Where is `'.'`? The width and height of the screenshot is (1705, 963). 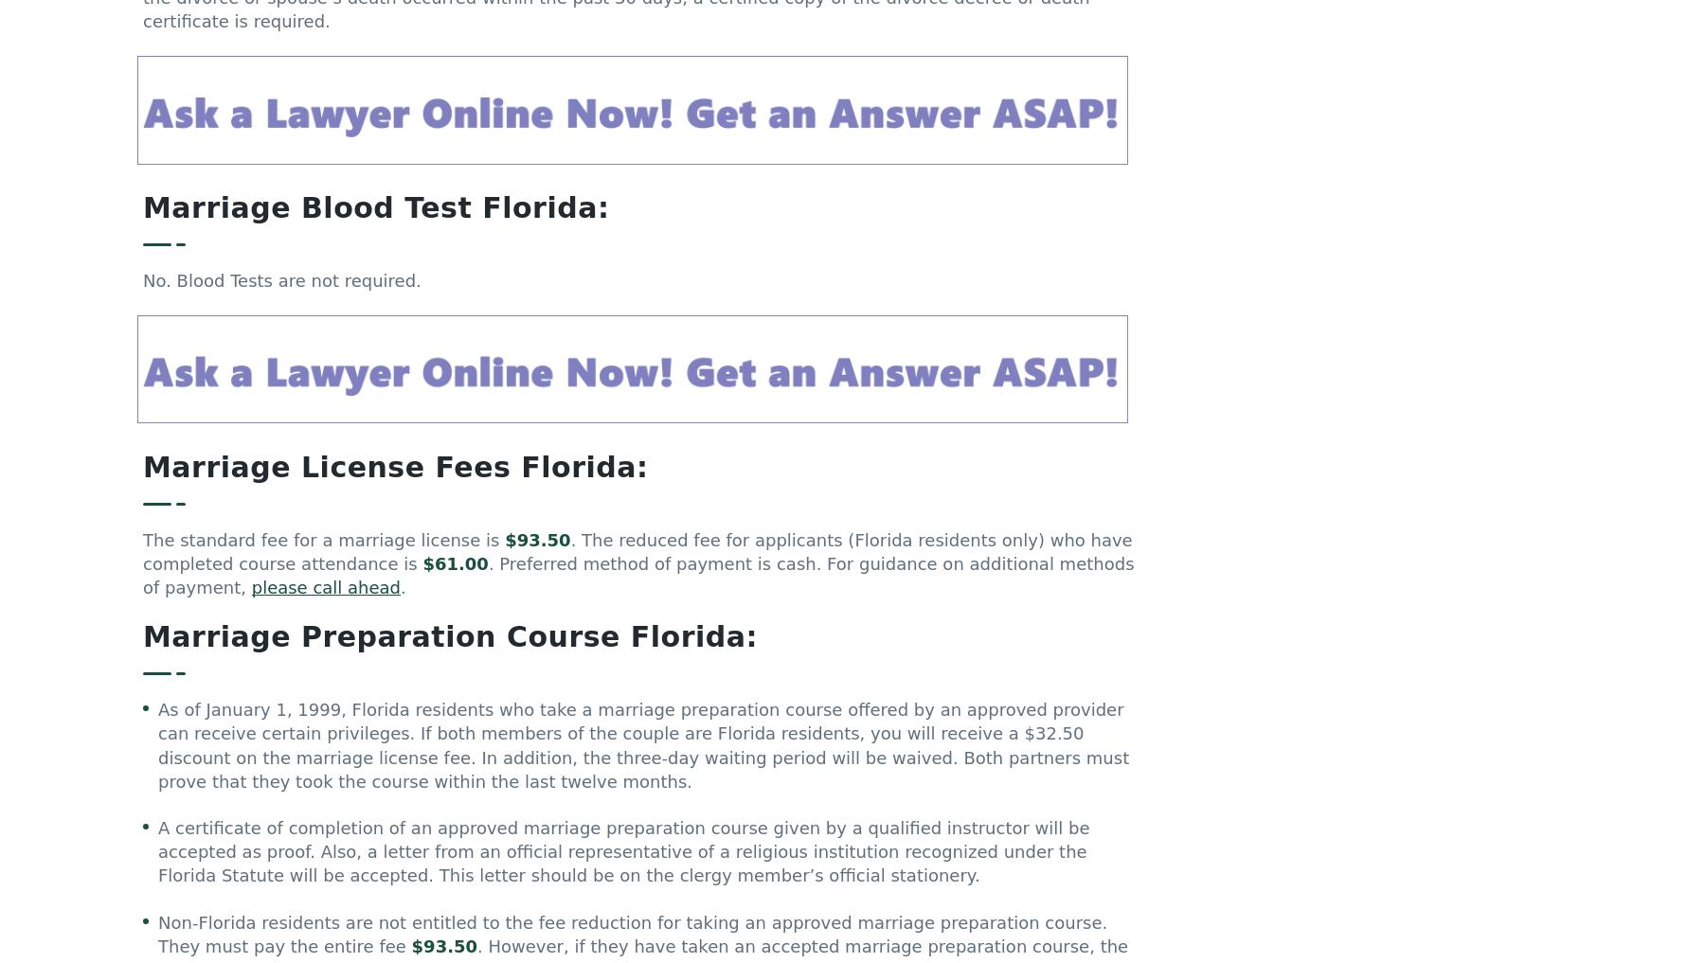 '.' is located at coordinates (403, 596).